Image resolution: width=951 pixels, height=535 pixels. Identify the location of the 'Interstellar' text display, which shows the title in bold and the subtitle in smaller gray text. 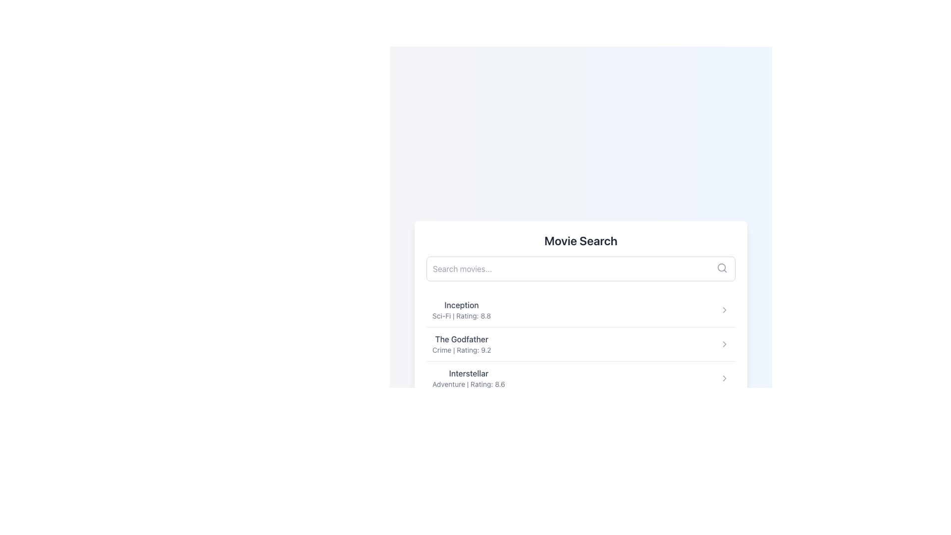
(468, 378).